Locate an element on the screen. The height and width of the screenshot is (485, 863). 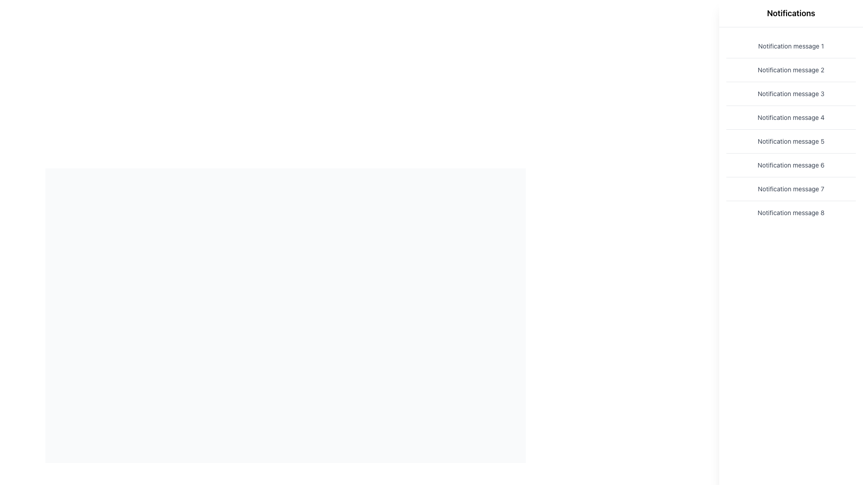
the static text element displaying 'Notification message 8', positioned at the bottom of a vertical list of notifications is located at coordinates (791, 212).